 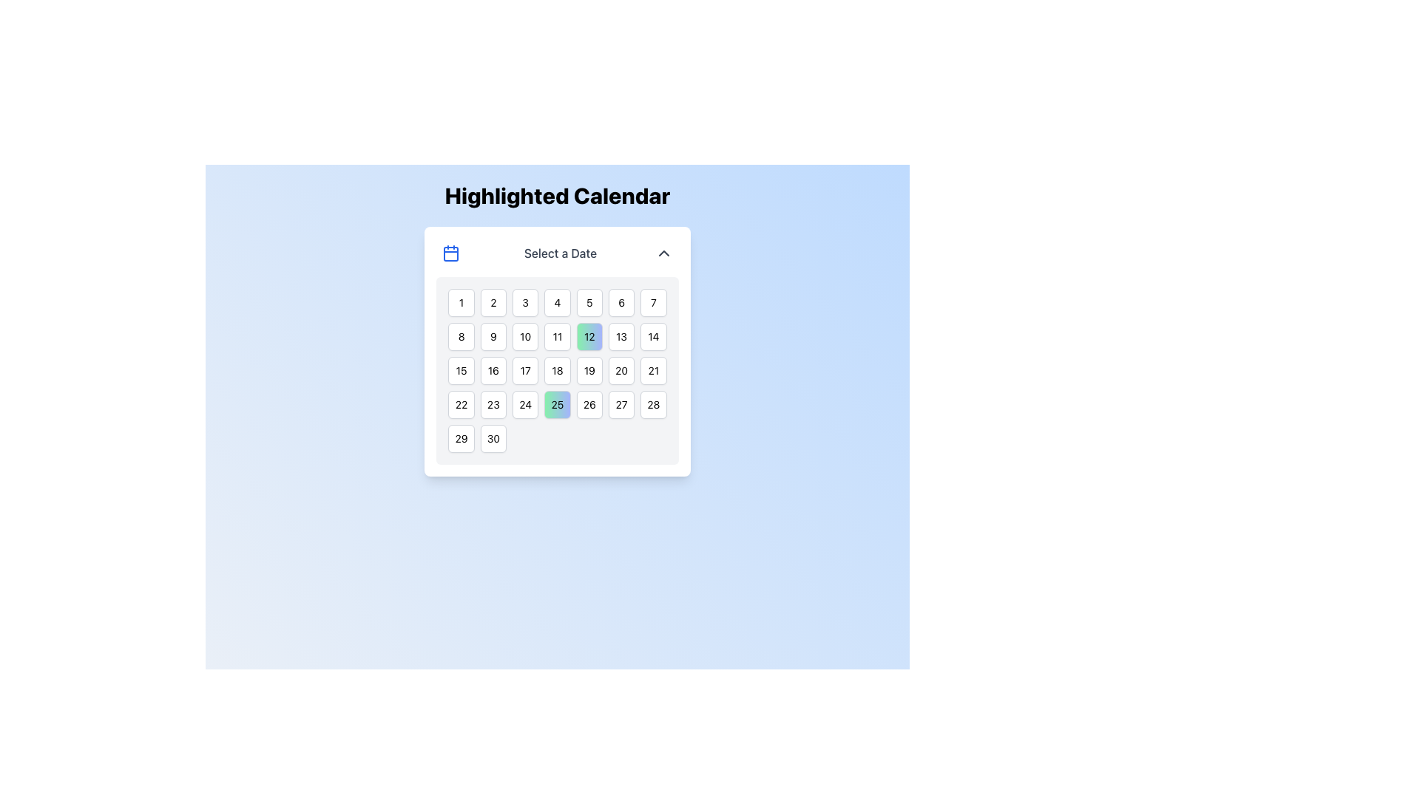 I want to click on the button representing the date '21', so click(x=652, y=369).